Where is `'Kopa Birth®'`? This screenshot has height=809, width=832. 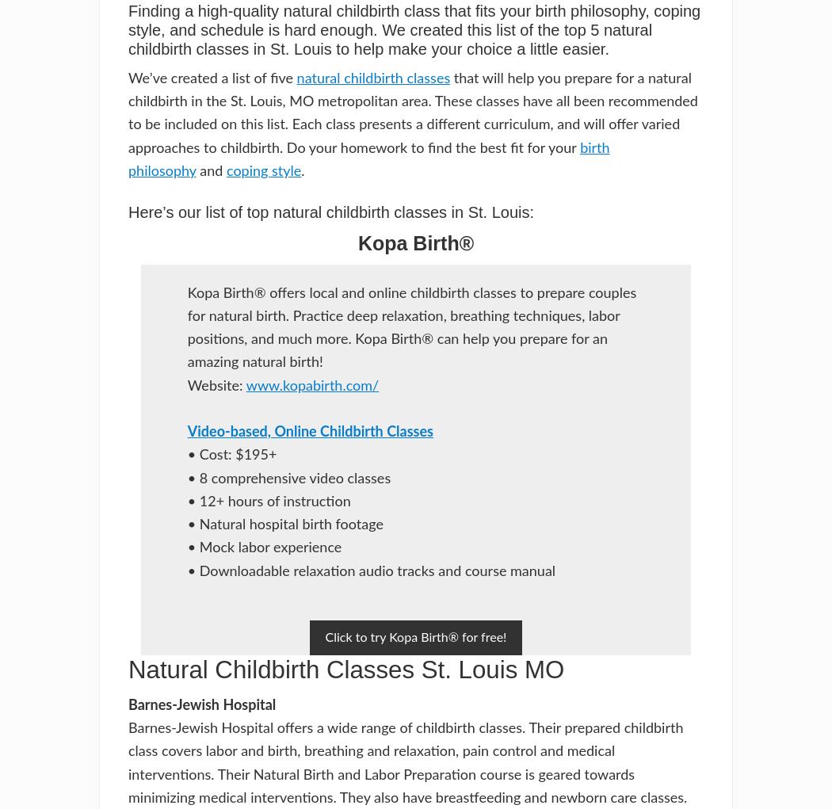
'Kopa Birth®' is located at coordinates (414, 243).